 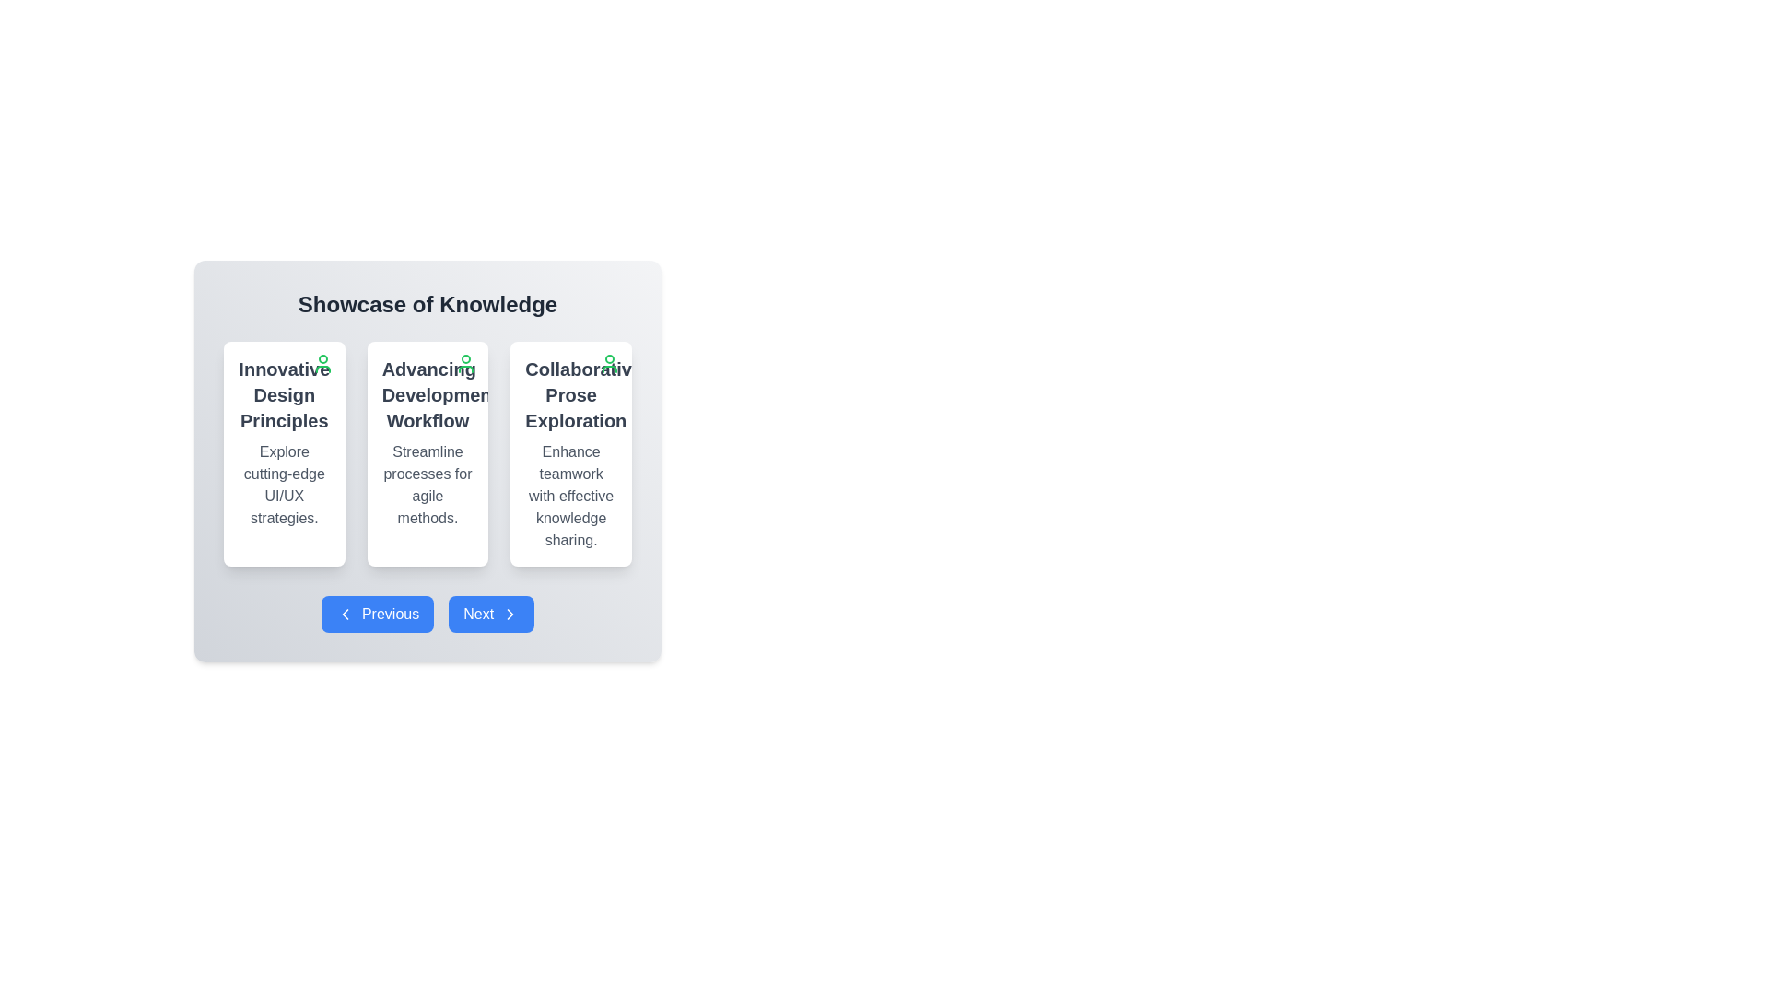 What do you see at coordinates (466, 363) in the screenshot?
I see `the user-related icon located in the top-right corner of the 'Advancing Development Workflow' card` at bounding box center [466, 363].